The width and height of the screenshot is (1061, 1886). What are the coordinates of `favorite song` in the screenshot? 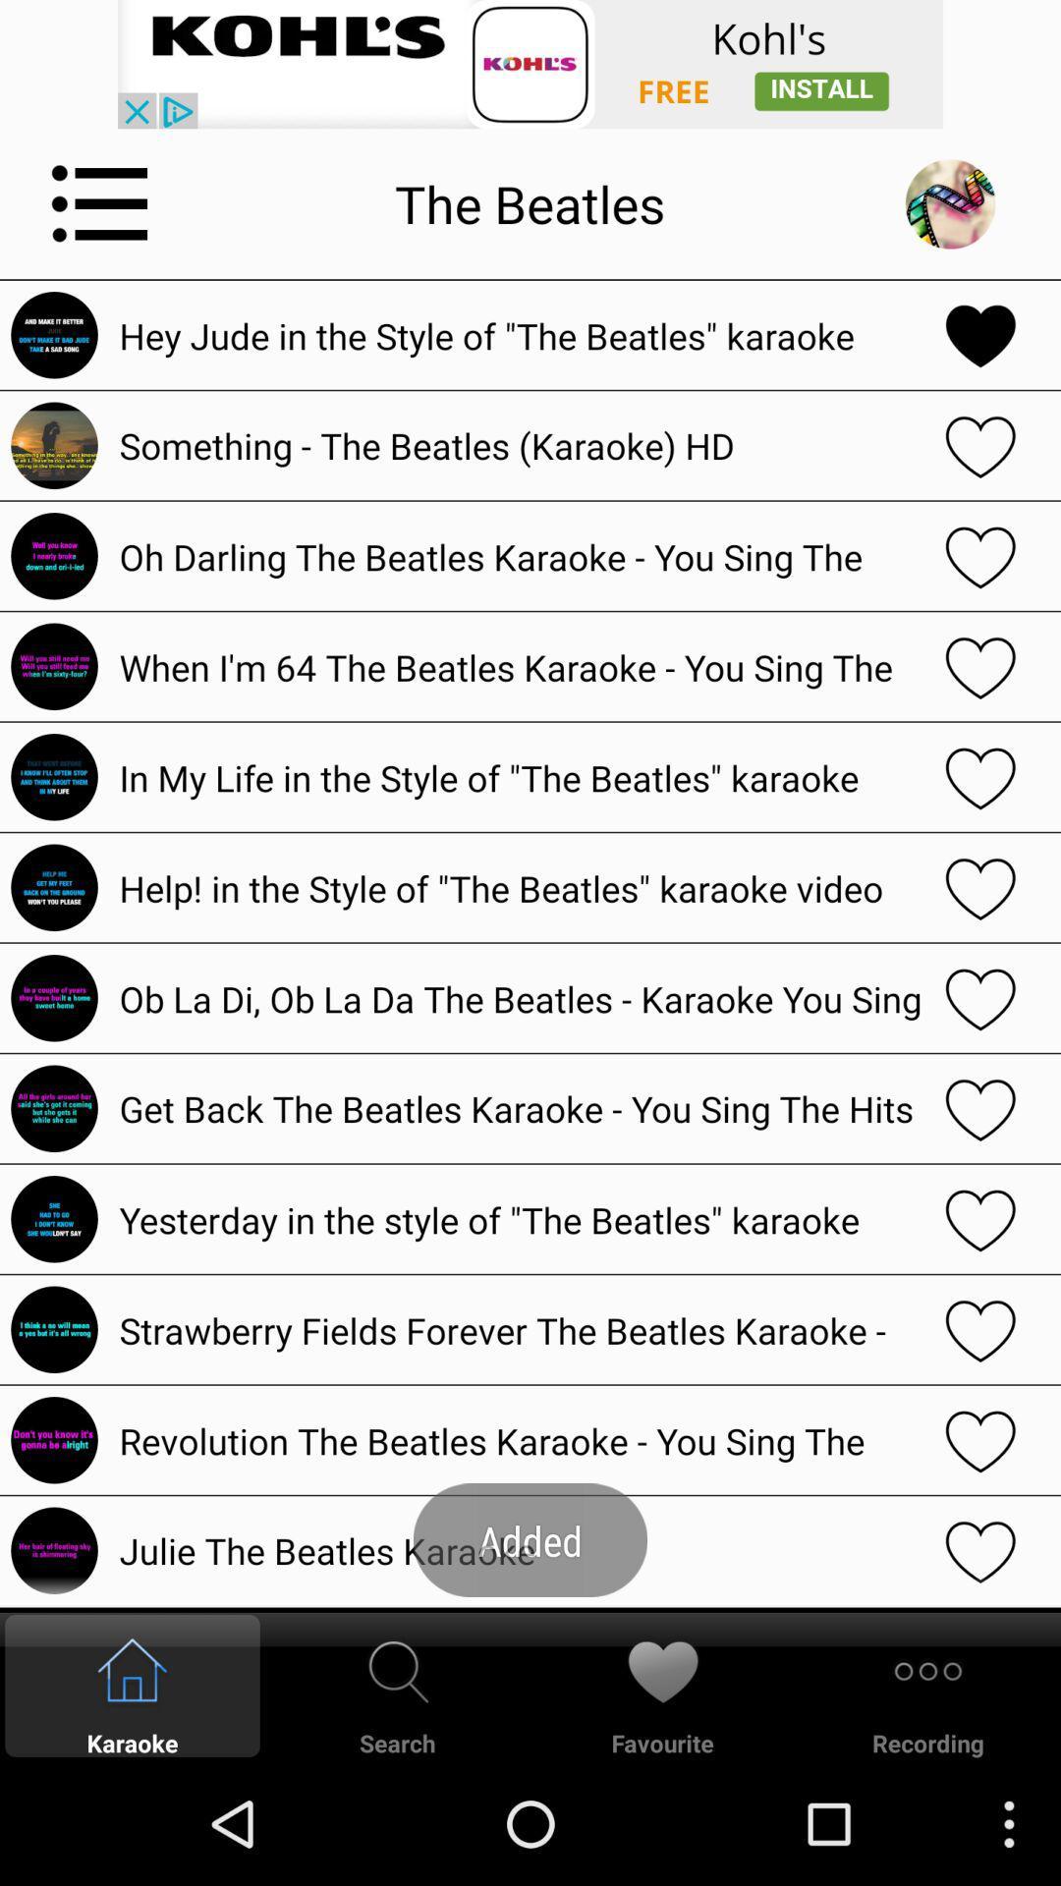 It's located at (980, 444).